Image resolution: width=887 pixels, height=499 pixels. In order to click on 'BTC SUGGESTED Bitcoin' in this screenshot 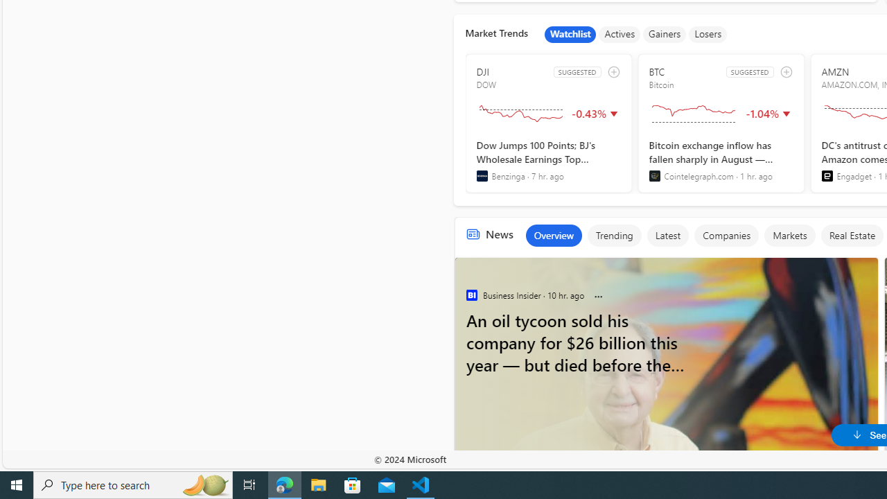, I will do `click(721, 123)`.